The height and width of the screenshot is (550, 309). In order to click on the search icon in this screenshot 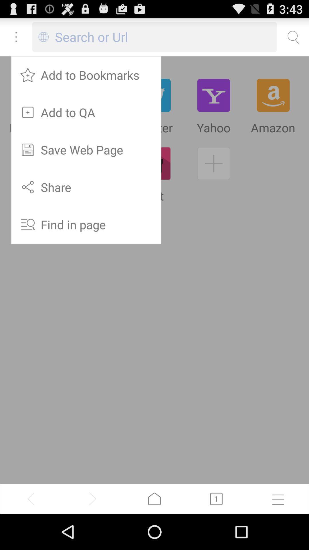, I will do `click(293, 39)`.